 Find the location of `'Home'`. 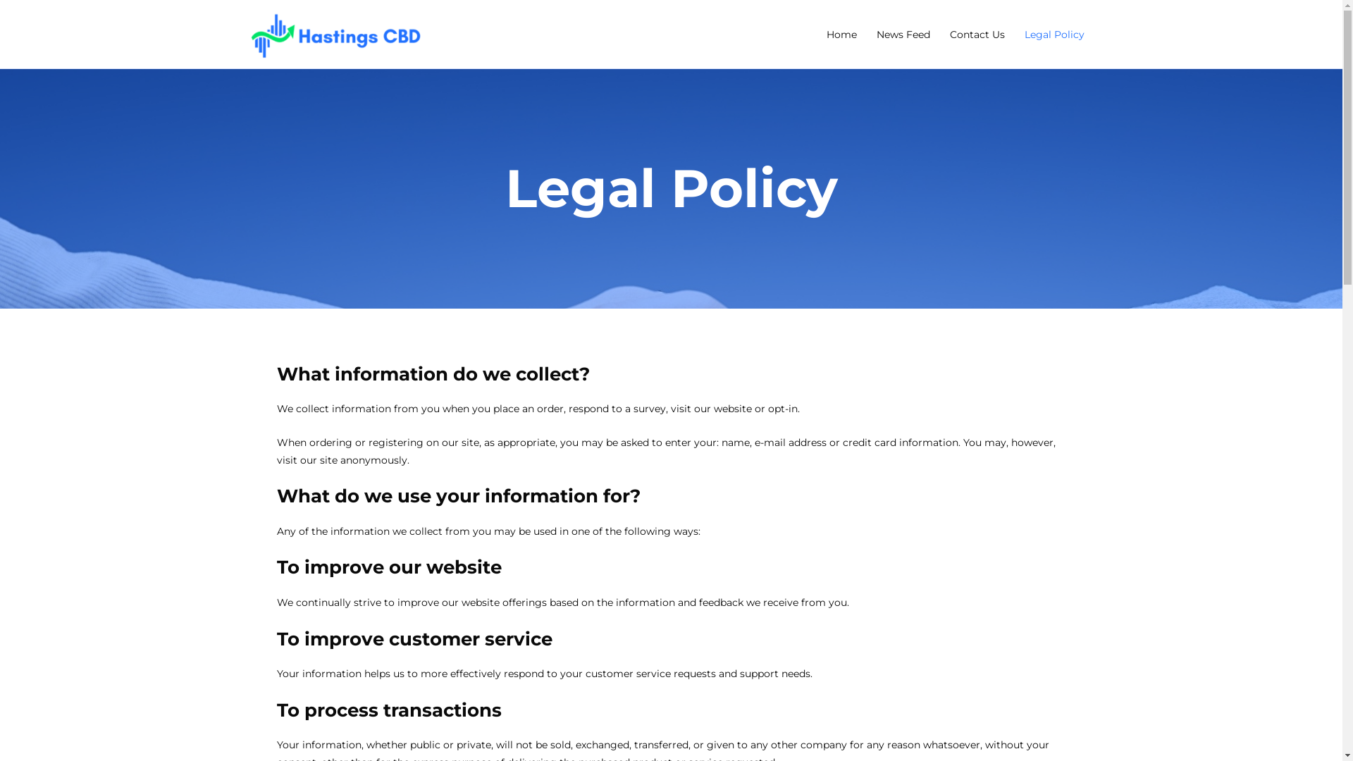

'Home' is located at coordinates (841, 32).